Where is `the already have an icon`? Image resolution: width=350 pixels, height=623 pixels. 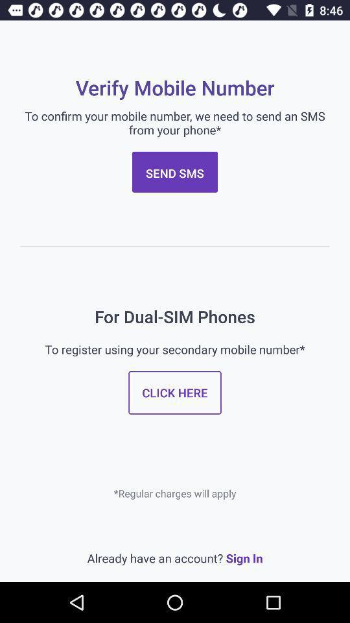
the already have an icon is located at coordinates (175, 557).